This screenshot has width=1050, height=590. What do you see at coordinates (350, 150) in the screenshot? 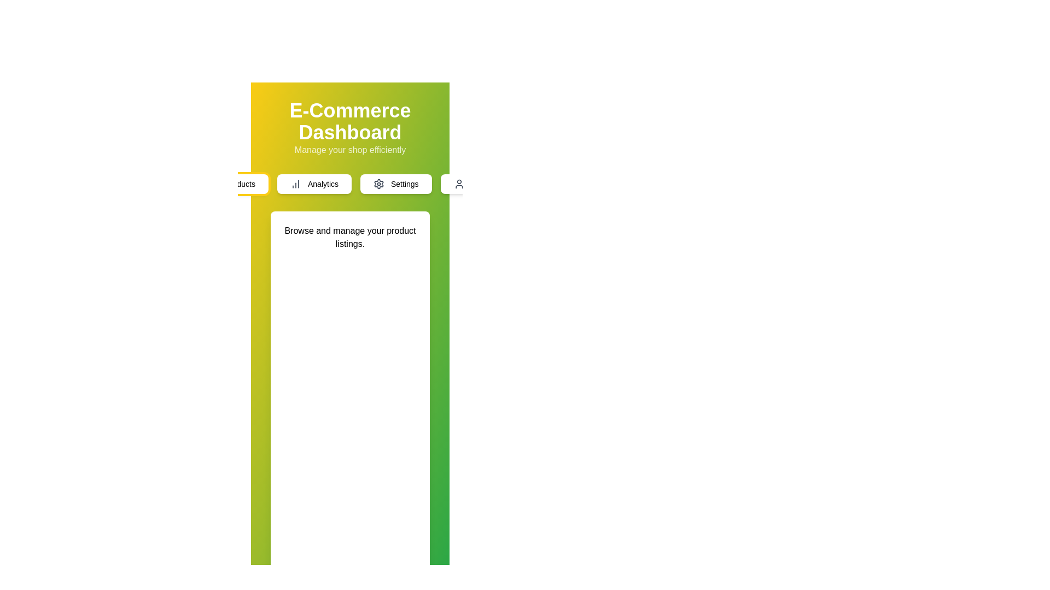
I see `the static text label reading 'Manage your shop efficiently', which is located directly below the heading 'E-Commerce Dashboard' in the center of the page` at bounding box center [350, 150].